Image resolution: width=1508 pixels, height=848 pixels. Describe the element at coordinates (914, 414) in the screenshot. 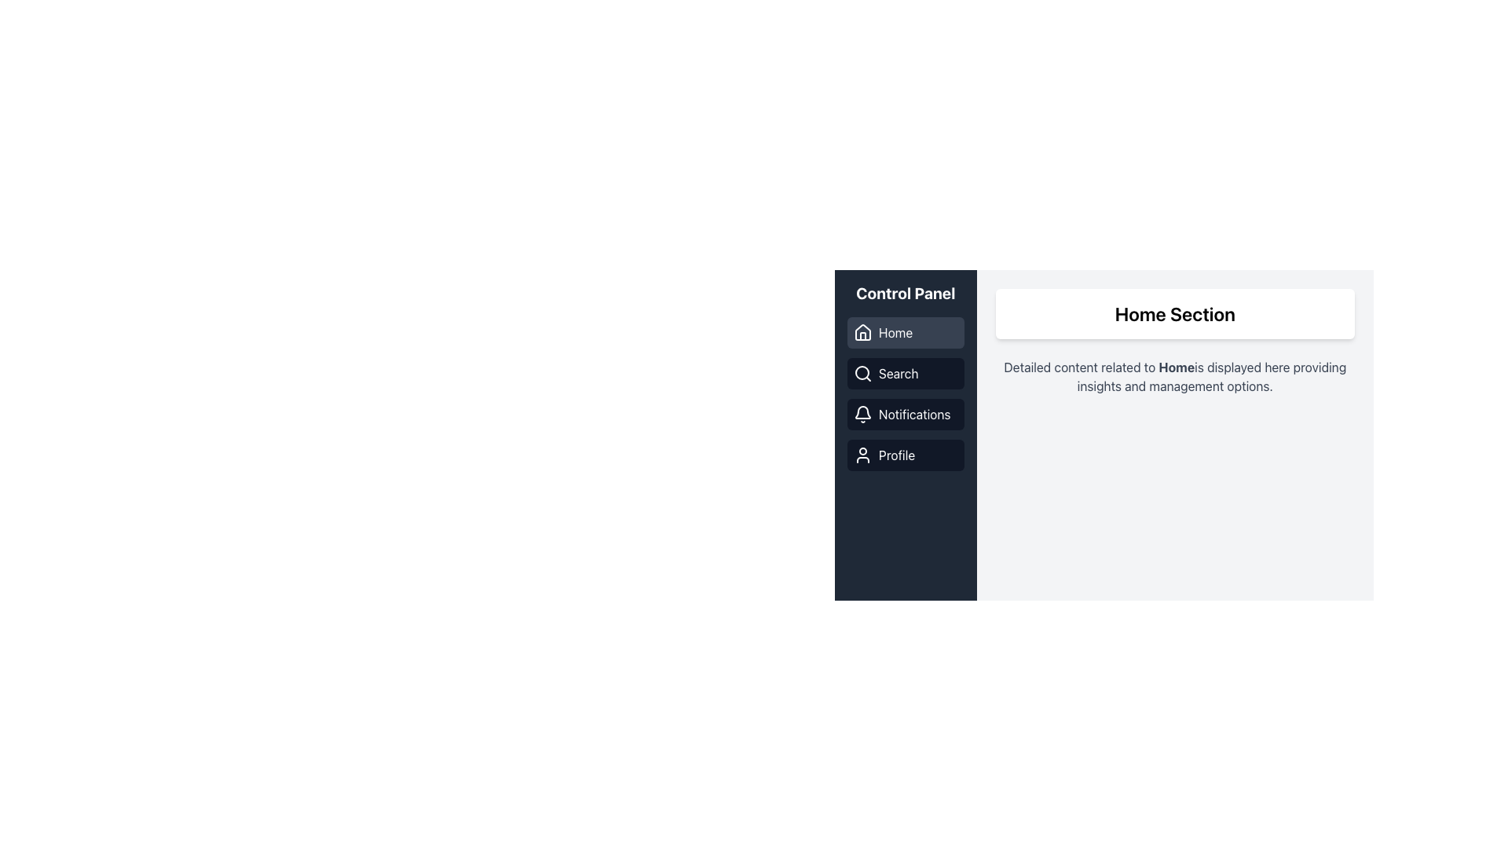

I see `the 'Notifications' text label in the navigation sidebar` at that location.